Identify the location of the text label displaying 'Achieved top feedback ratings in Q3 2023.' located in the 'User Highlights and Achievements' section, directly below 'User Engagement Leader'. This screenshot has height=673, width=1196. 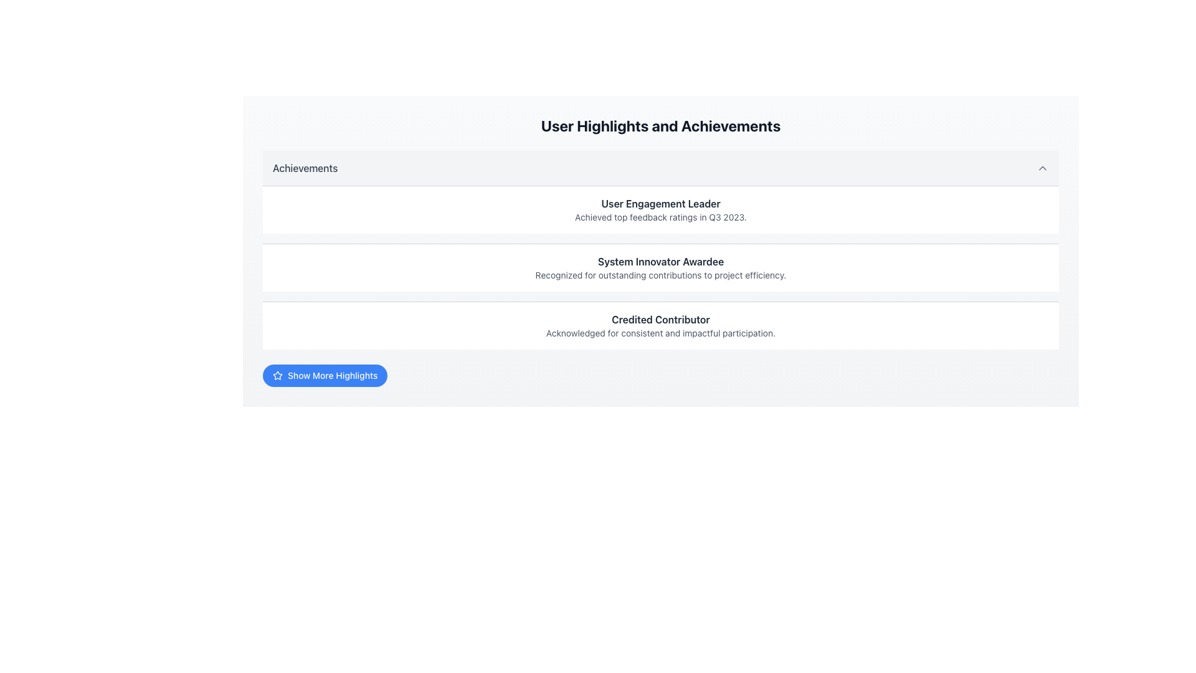
(660, 216).